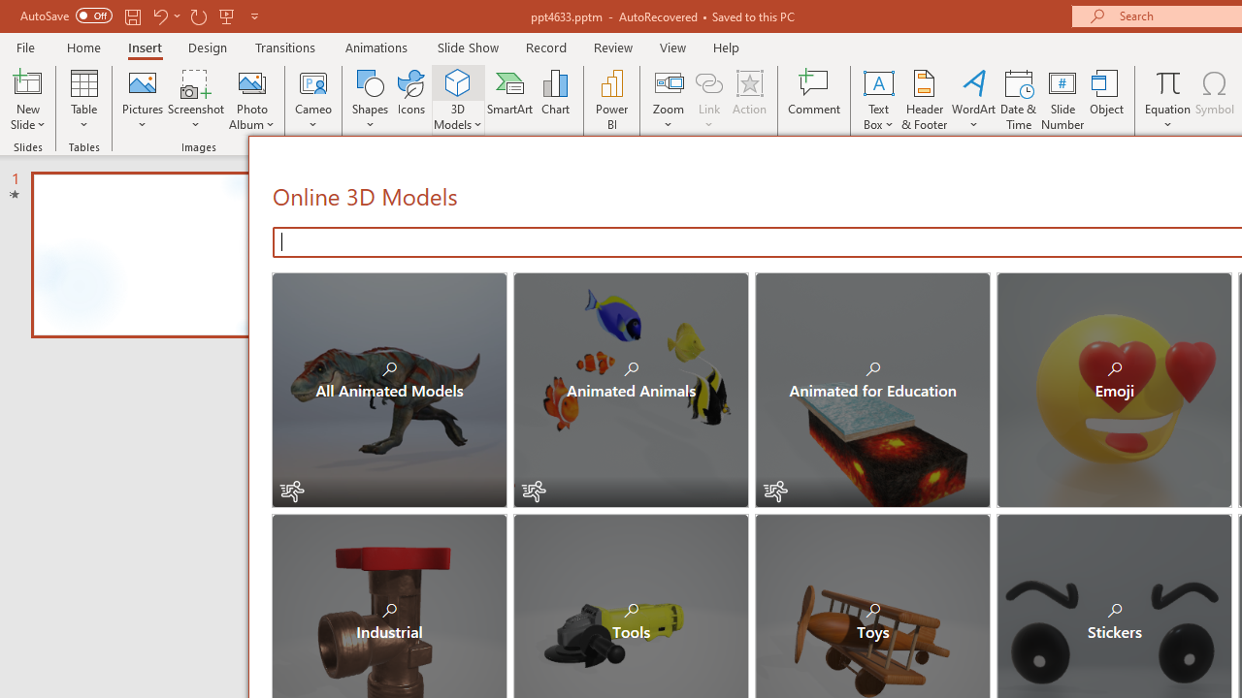  What do you see at coordinates (1018, 100) in the screenshot?
I see `'Date & Time...'` at bounding box center [1018, 100].